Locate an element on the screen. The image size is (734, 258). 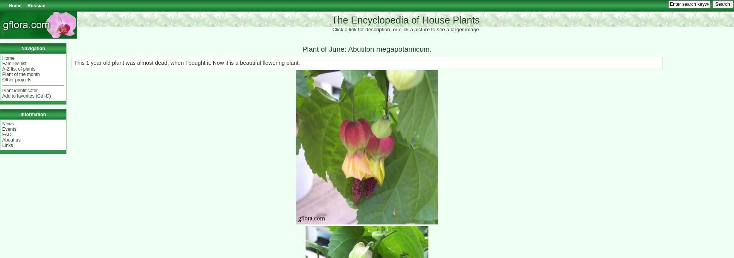
'The Encyclopedia of House Plants' is located at coordinates (405, 19).